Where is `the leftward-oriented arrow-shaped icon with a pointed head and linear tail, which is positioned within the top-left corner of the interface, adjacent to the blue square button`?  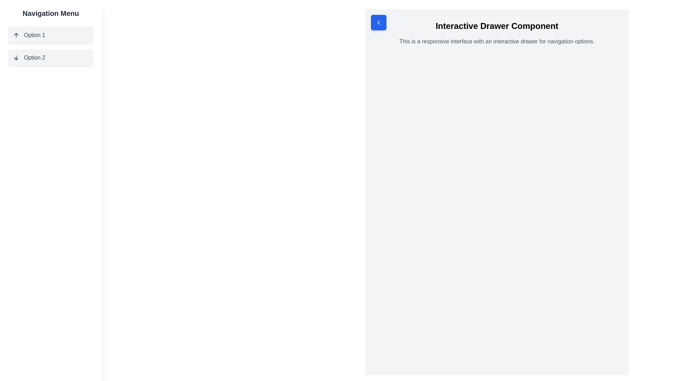 the leftward-oriented arrow-shaped icon with a pointed head and linear tail, which is positioned within the top-left corner of the interface, adjacent to the blue square button is located at coordinates (378, 22).